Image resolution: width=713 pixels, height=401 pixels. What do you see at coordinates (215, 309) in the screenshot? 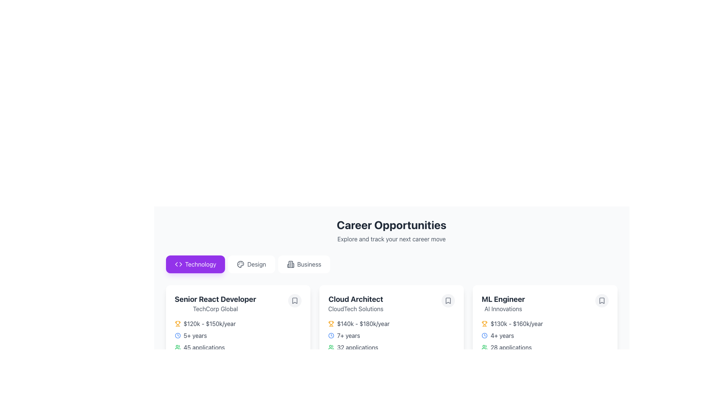
I see `the text label 'TechCorp Global' which is displayed in a muted gray color beneath the job title 'Senior React Developer' within a card layout` at bounding box center [215, 309].